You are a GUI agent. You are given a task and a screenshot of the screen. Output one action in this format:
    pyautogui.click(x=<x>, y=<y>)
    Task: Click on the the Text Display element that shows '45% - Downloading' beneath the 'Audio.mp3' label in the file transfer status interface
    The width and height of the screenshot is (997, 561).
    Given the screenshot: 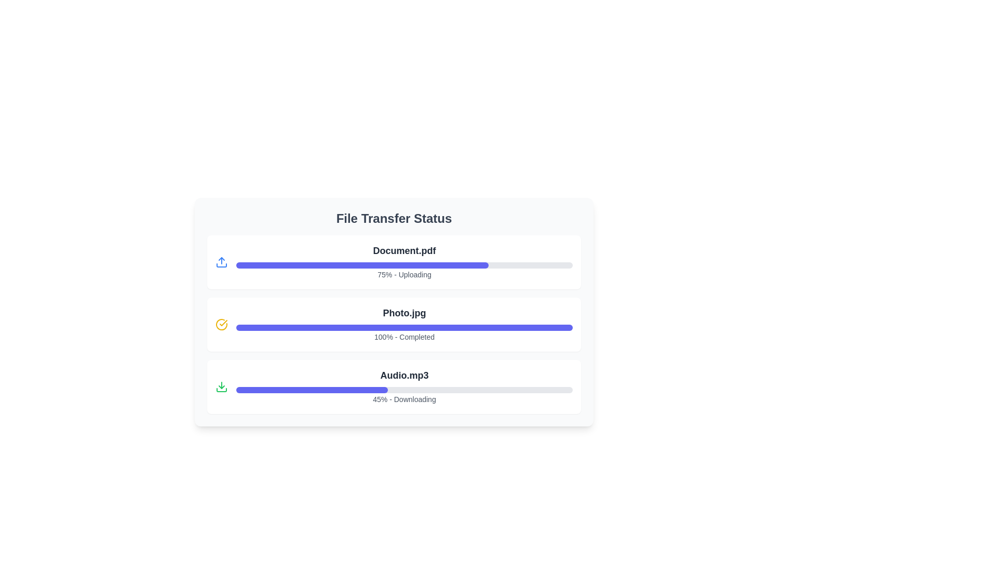 What is the action you would take?
    pyautogui.click(x=403, y=398)
    